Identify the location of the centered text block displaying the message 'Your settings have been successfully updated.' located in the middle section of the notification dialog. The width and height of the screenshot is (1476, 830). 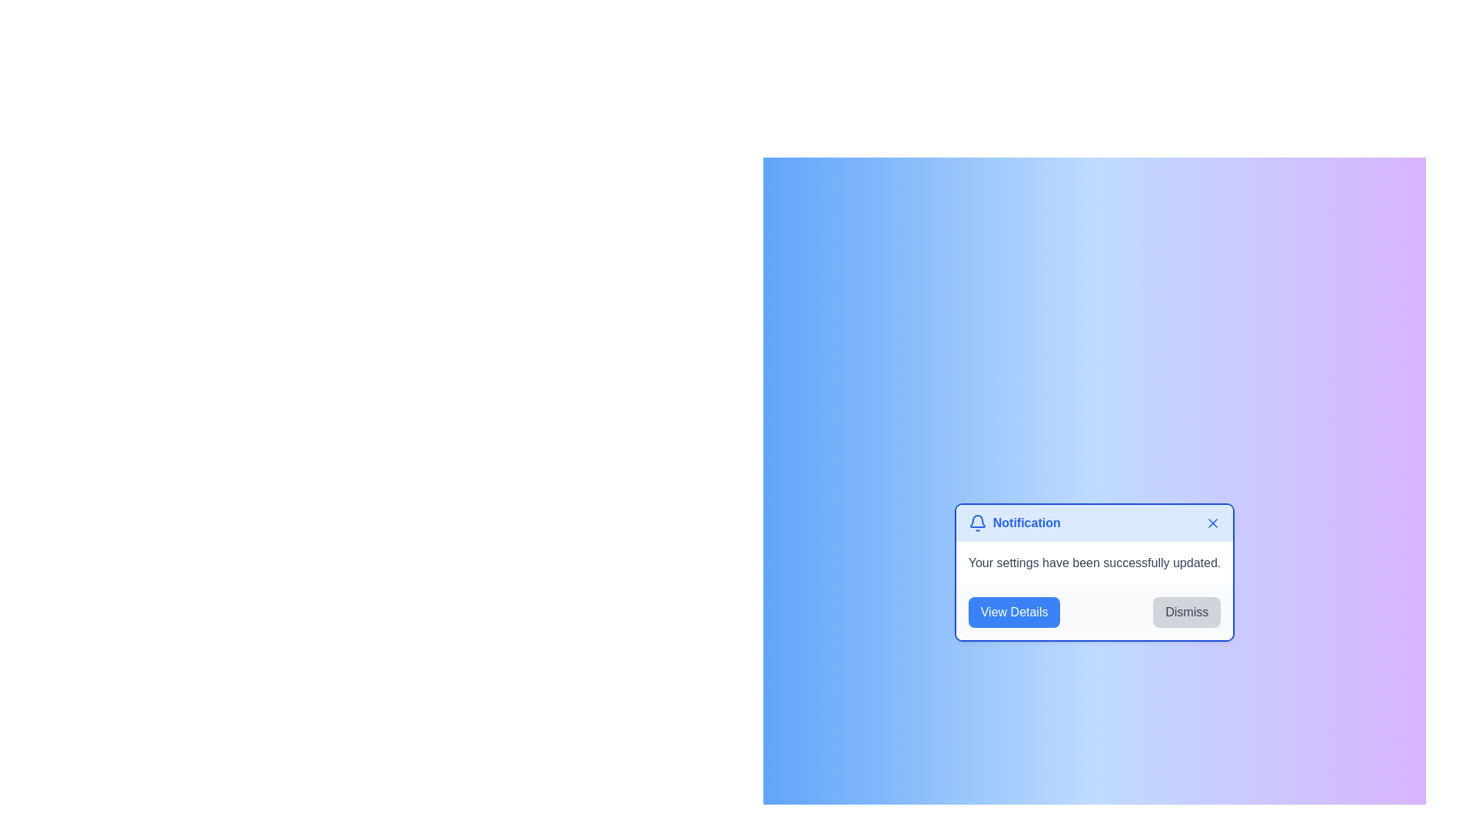
(1094, 563).